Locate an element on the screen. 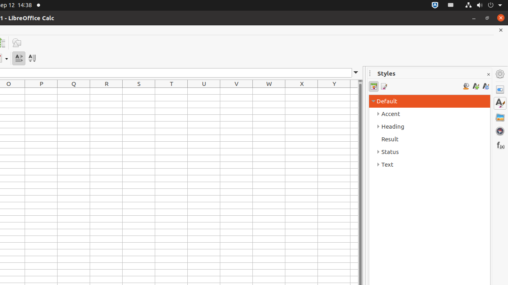 The width and height of the screenshot is (508, 285). 'U1' is located at coordinates (204, 91).